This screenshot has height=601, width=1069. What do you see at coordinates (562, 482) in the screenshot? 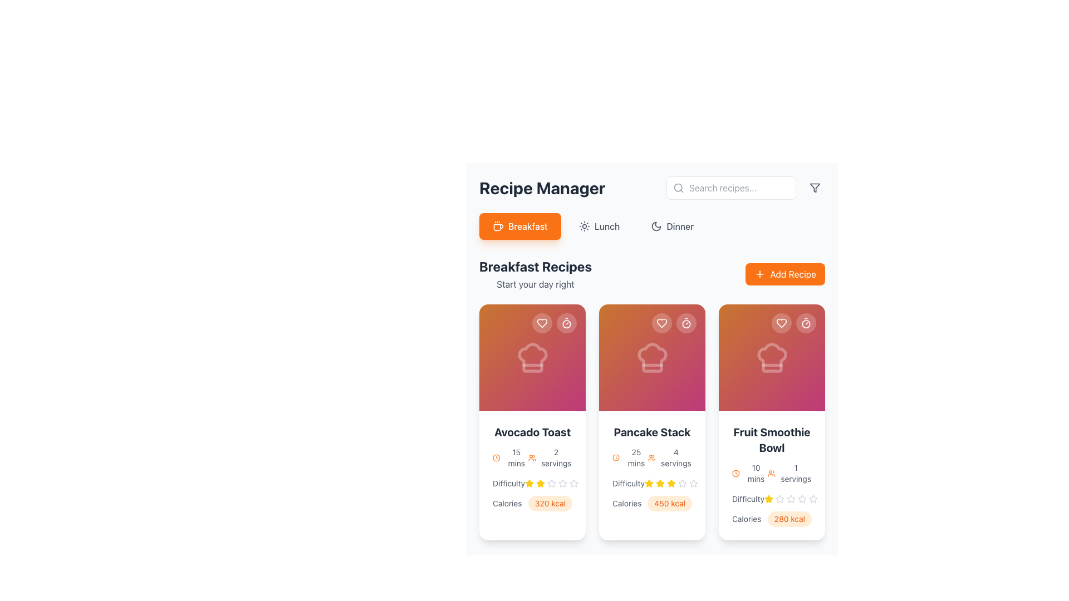
I see `the third star icon in the five-star rating system below the title 'Avocado Toast' to rate the recipe's difficulty` at bounding box center [562, 482].